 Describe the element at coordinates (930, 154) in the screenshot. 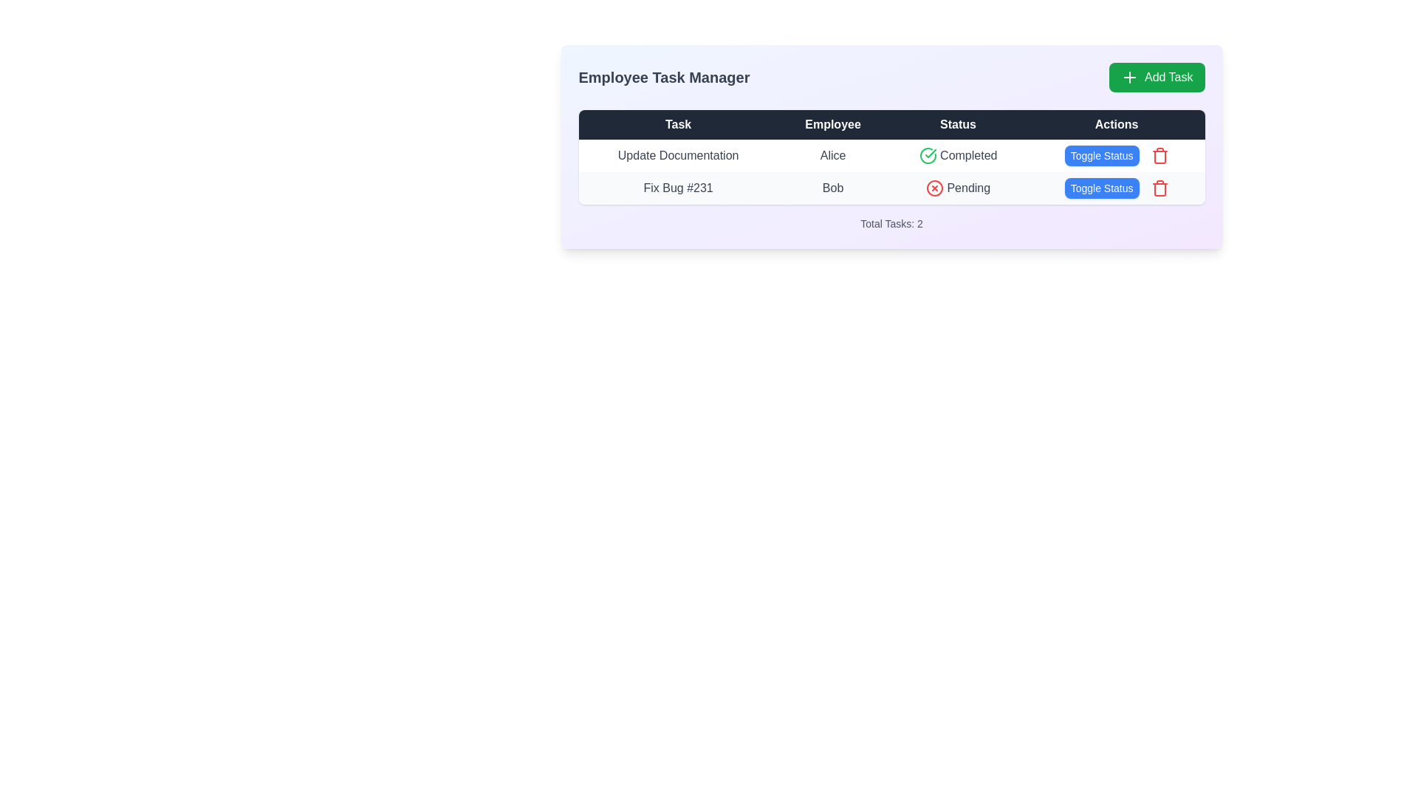

I see `the green checkmark icon depicting completion located in the first row of the task management table adjacent to the text 'Completed'` at that location.